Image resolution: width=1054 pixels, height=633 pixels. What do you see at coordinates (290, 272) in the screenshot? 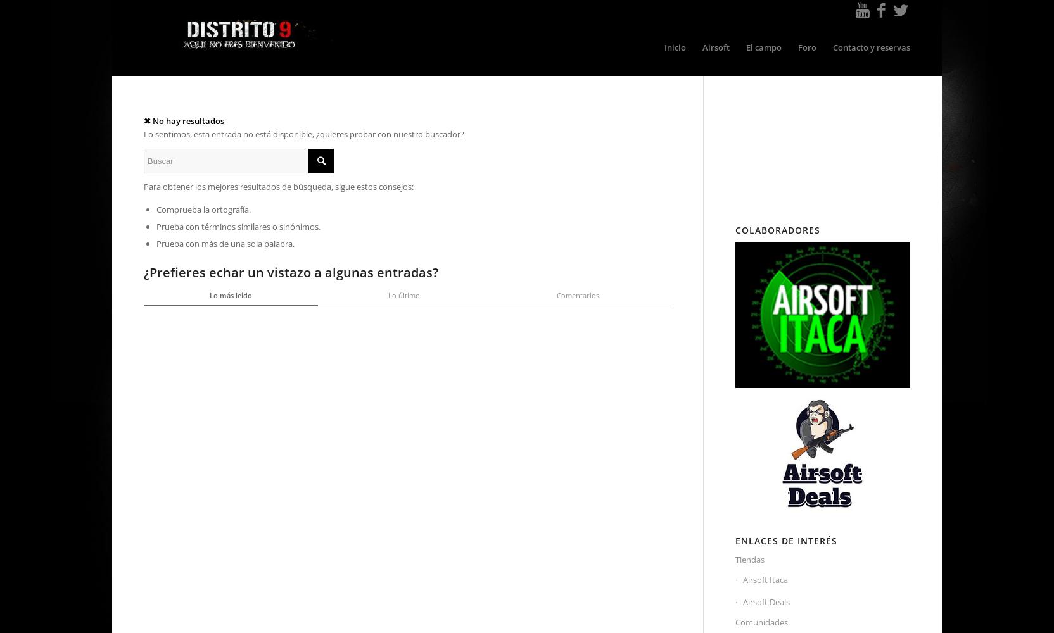
I see `'¿Prefieres echar un vistazo a algunas entradas?'` at bounding box center [290, 272].